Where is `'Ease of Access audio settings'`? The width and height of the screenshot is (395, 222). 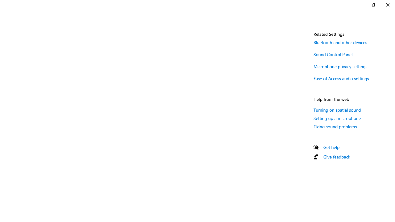
'Ease of Access audio settings' is located at coordinates (341, 78).